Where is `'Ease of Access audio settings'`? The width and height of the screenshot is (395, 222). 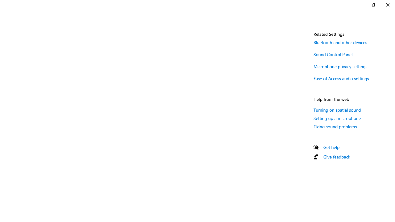
'Ease of Access audio settings' is located at coordinates (341, 78).